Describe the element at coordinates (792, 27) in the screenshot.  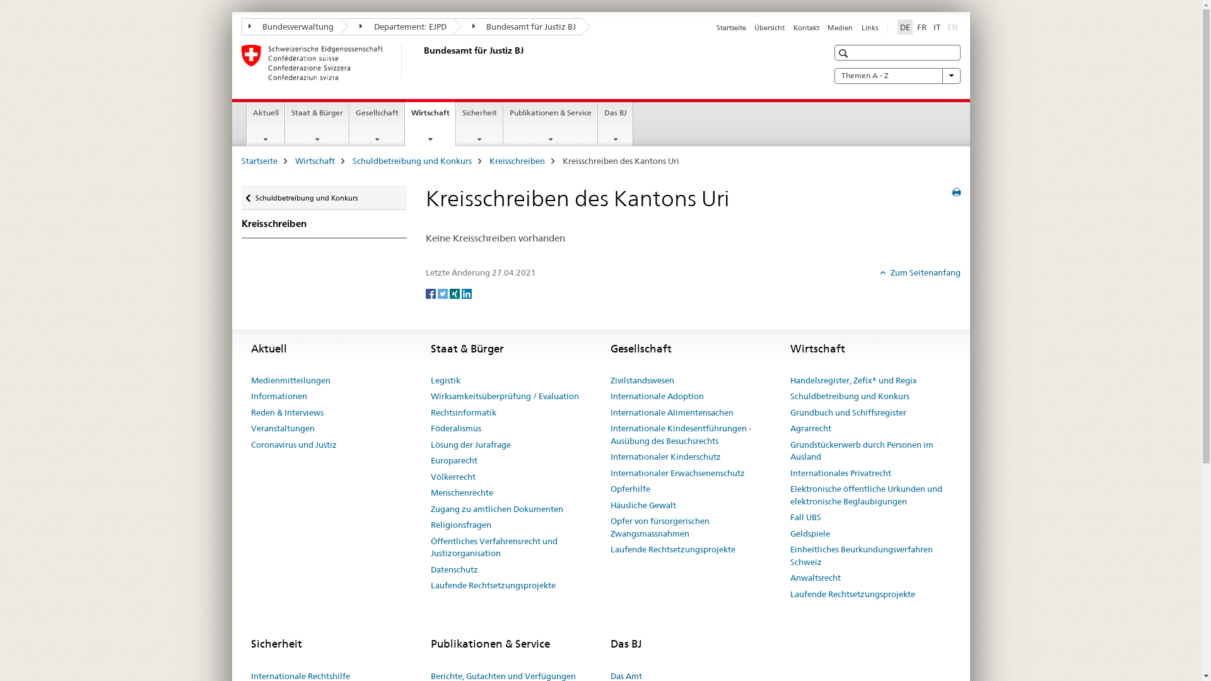
I see `'Kontakt'` at that location.